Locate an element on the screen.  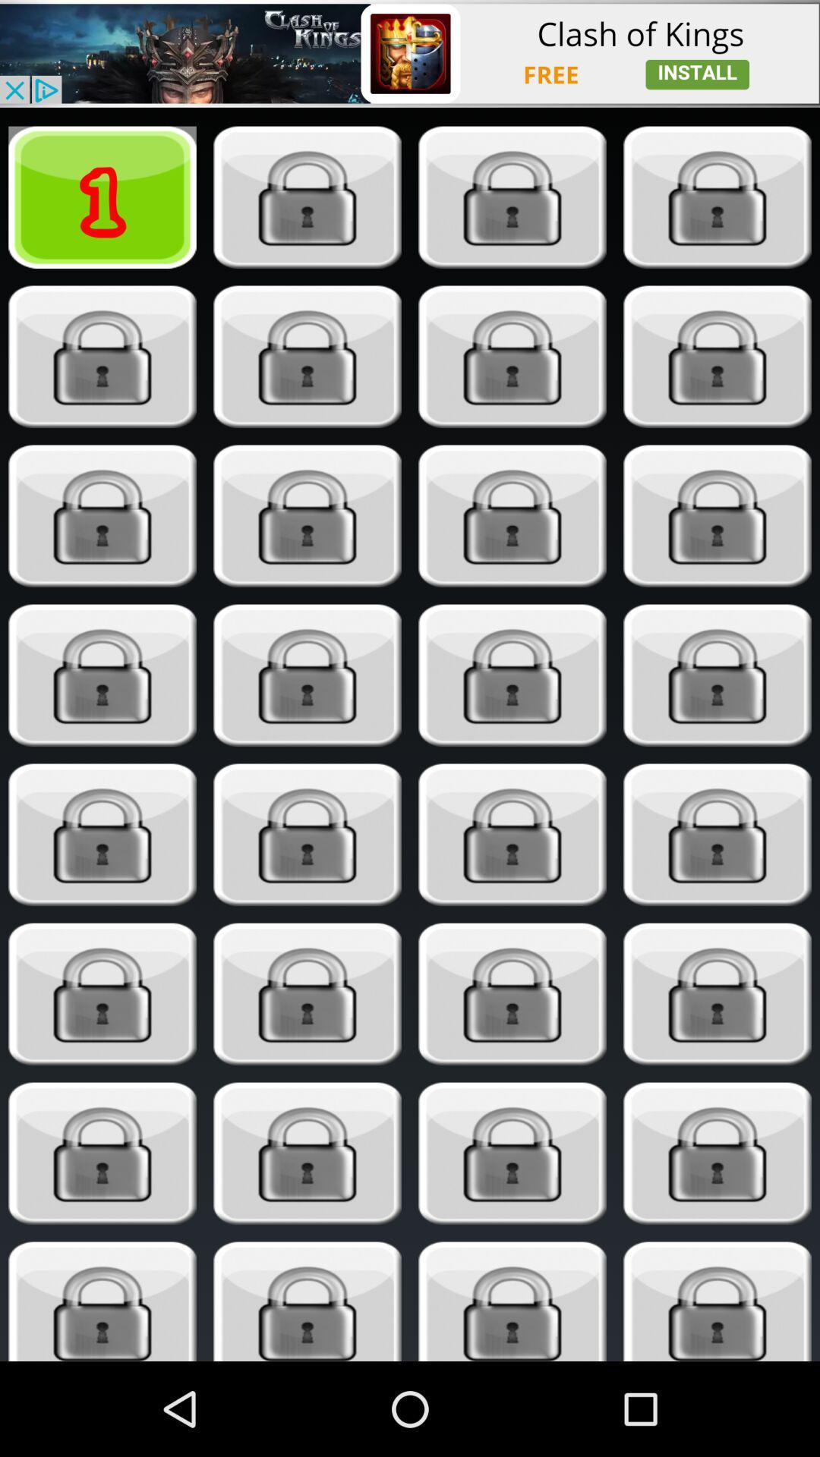
unlock item is located at coordinates (717, 675).